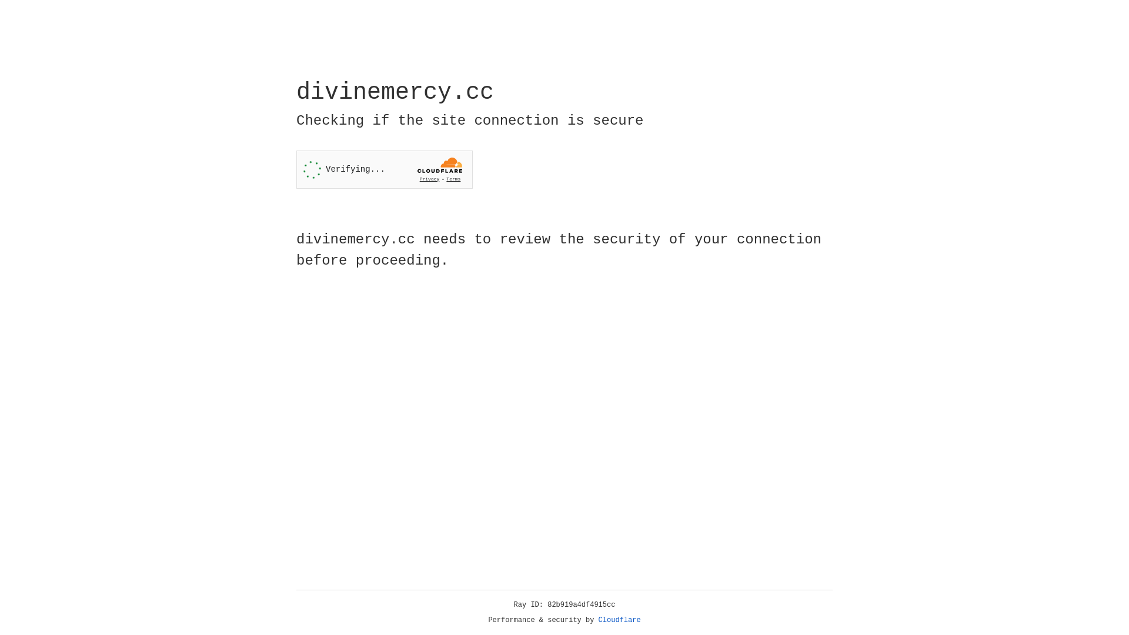 This screenshot has height=635, width=1129. What do you see at coordinates (598, 620) in the screenshot?
I see `'Cloudflare'` at bounding box center [598, 620].